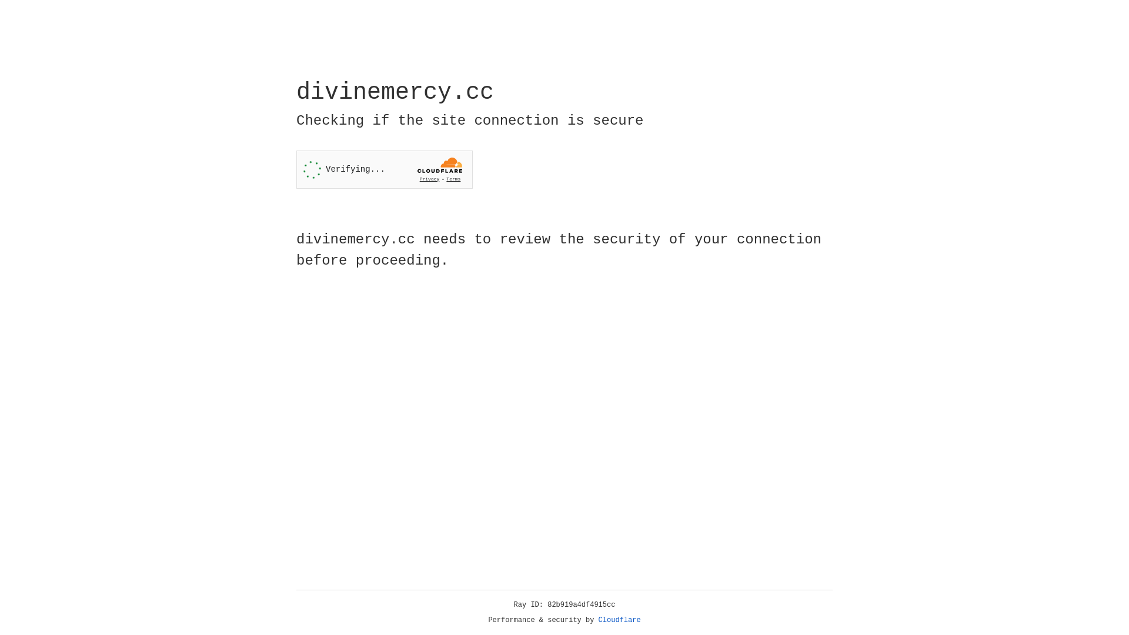 This screenshot has height=635, width=1129. What do you see at coordinates (598, 620) in the screenshot?
I see `'Cloudflare'` at bounding box center [598, 620].